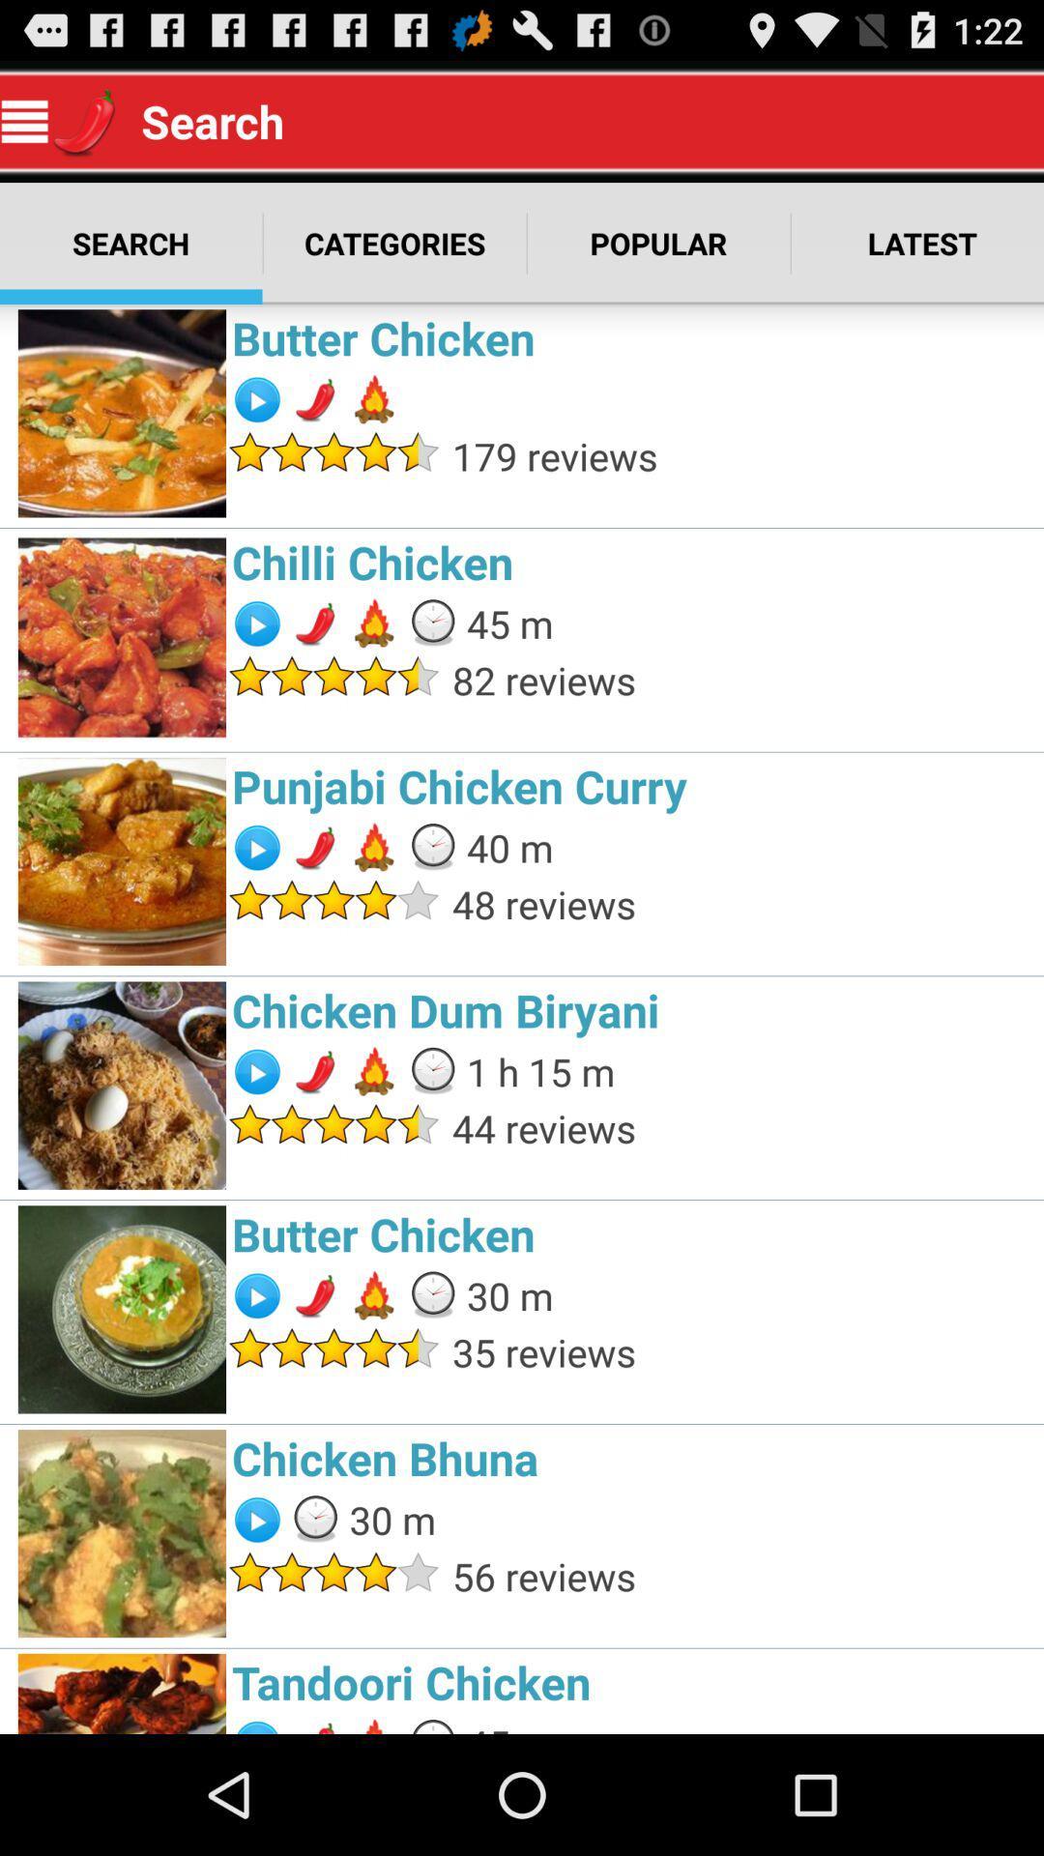 This screenshot has height=1856, width=1044. What do you see at coordinates (741, 680) in the screenshot?
I see `the item above punjabi chicken curry item` at bounding box center [741, 680].